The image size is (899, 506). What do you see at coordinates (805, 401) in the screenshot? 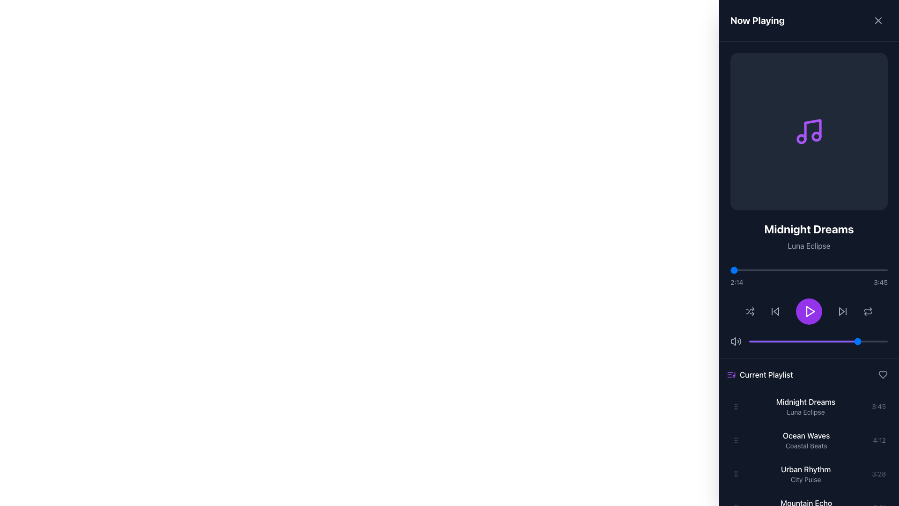
I see `the text label displaying 'Midnight Dreams' in a white font against a dark background, located at the top of the 'Current Playlist' section` at bounding box center [805, 401].